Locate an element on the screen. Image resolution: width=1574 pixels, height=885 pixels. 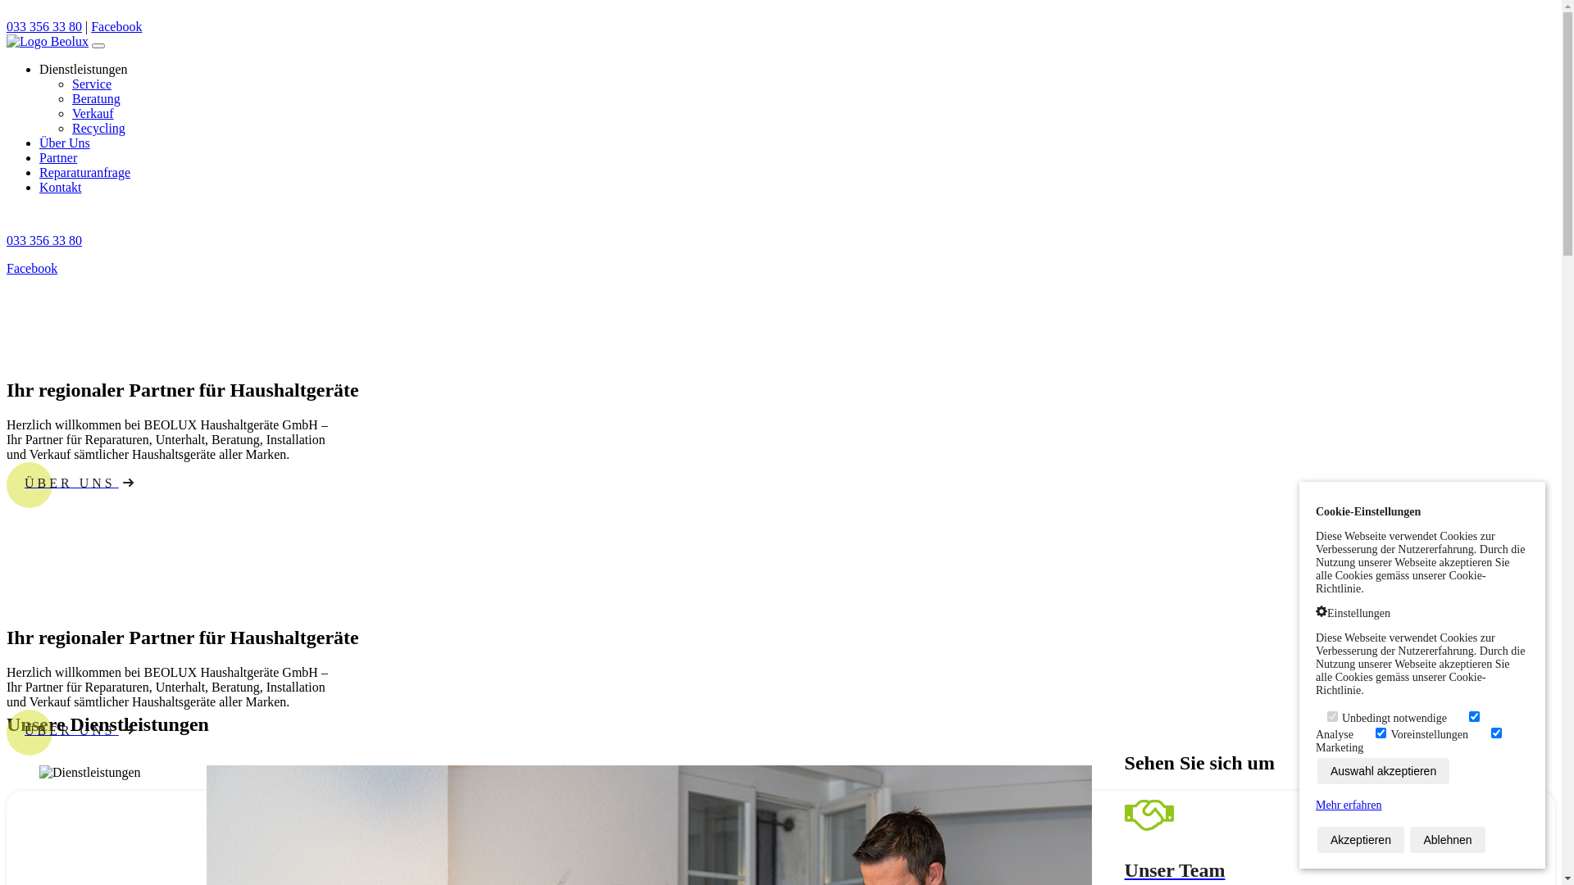
'Verkauf' is located at coordinates (92, 112).